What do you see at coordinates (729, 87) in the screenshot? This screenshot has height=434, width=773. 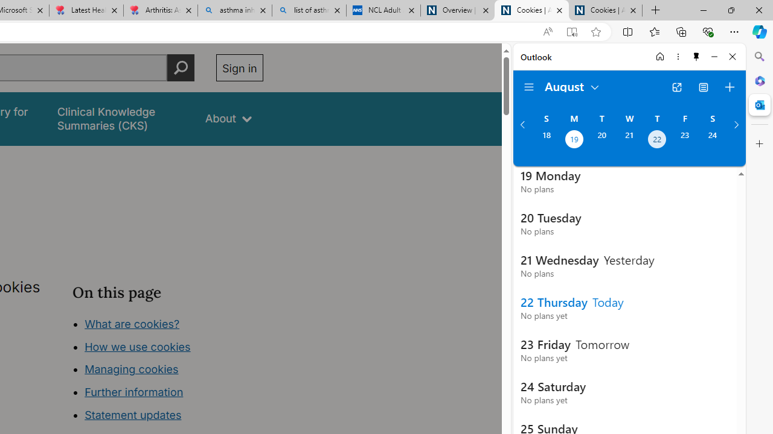 I see `'Create event'` at bounding box center [729, 87].